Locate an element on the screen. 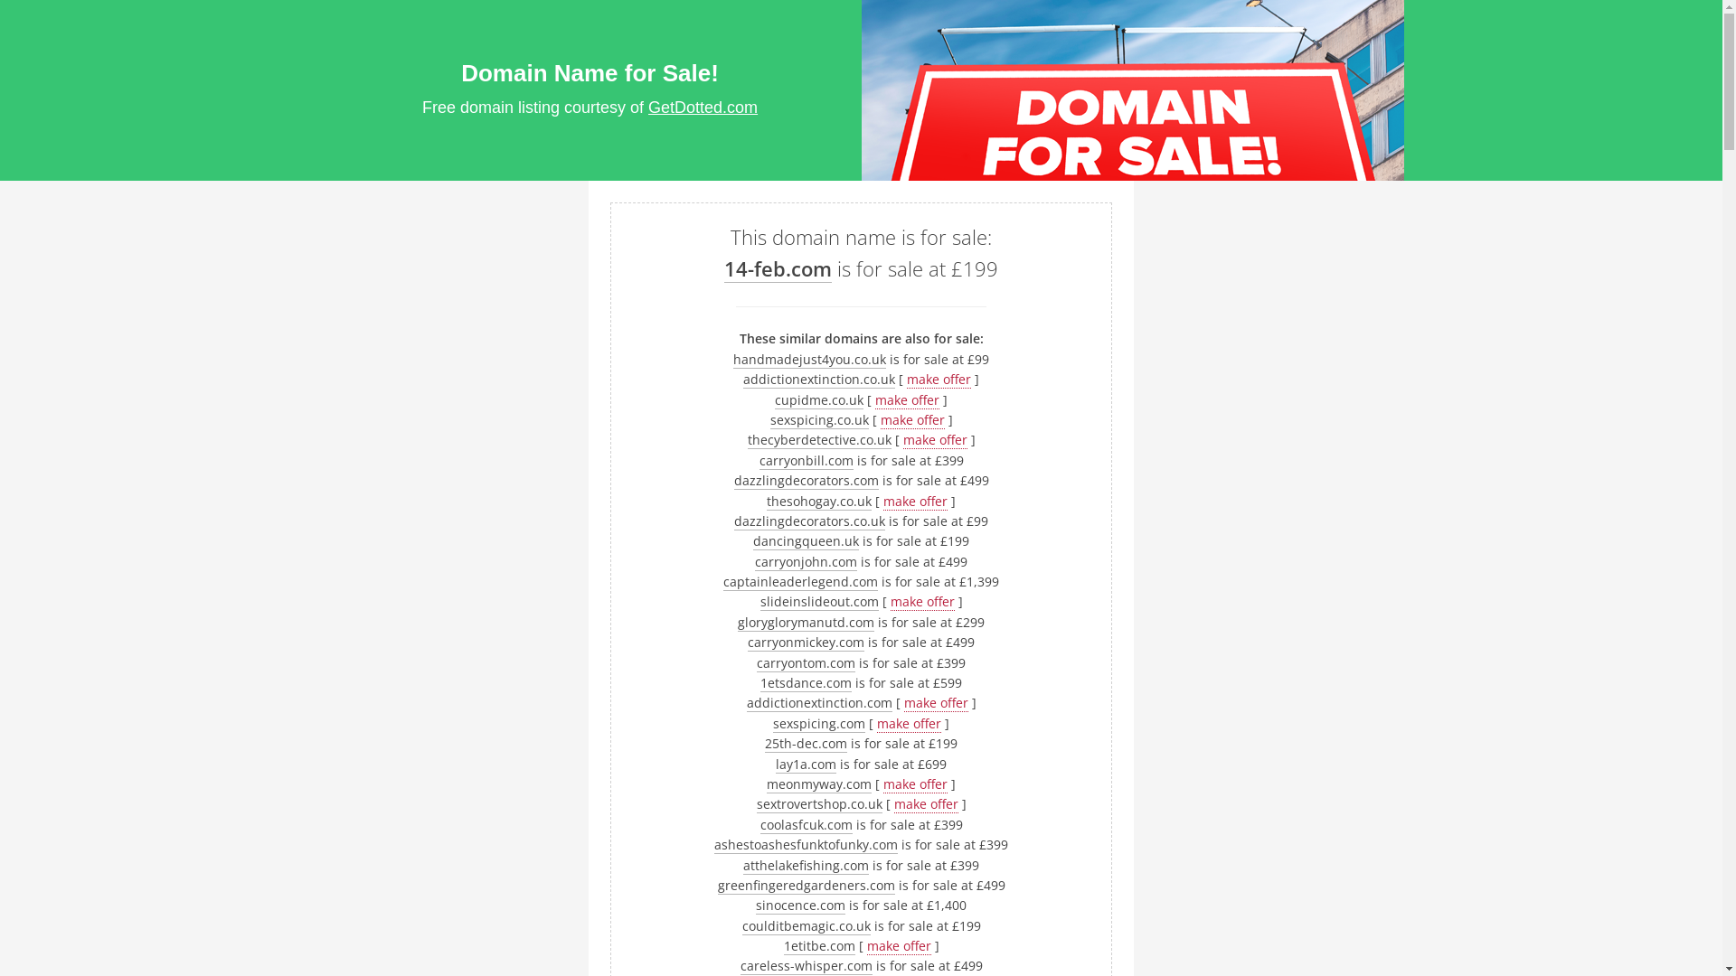 The height and width of the screenshot is (976, 1736). 'carryonjohn.com' is located at coordinates (805, 560).